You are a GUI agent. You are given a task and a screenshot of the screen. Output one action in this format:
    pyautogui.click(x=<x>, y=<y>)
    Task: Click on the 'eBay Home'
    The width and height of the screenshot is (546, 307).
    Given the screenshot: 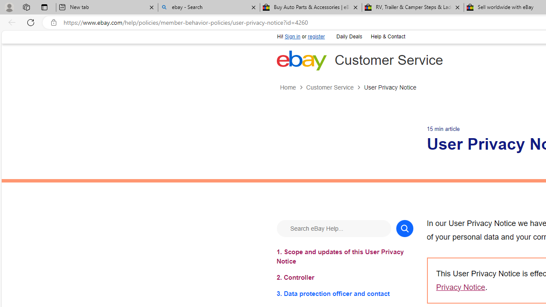 What is the action you would take?
    pyautogui.click(x=301, y=60)
    